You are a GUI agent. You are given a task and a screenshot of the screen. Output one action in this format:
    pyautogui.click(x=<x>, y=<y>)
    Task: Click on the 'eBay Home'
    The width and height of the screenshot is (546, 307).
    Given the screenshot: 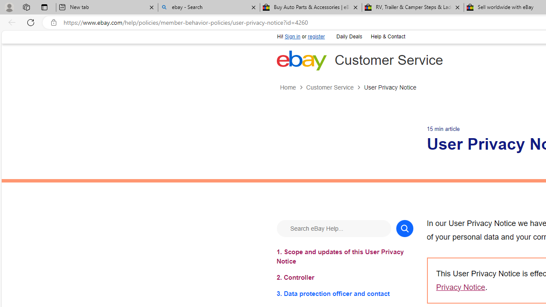 What is the action you would take?
    pyautogui.click(x=301, y=60)
    